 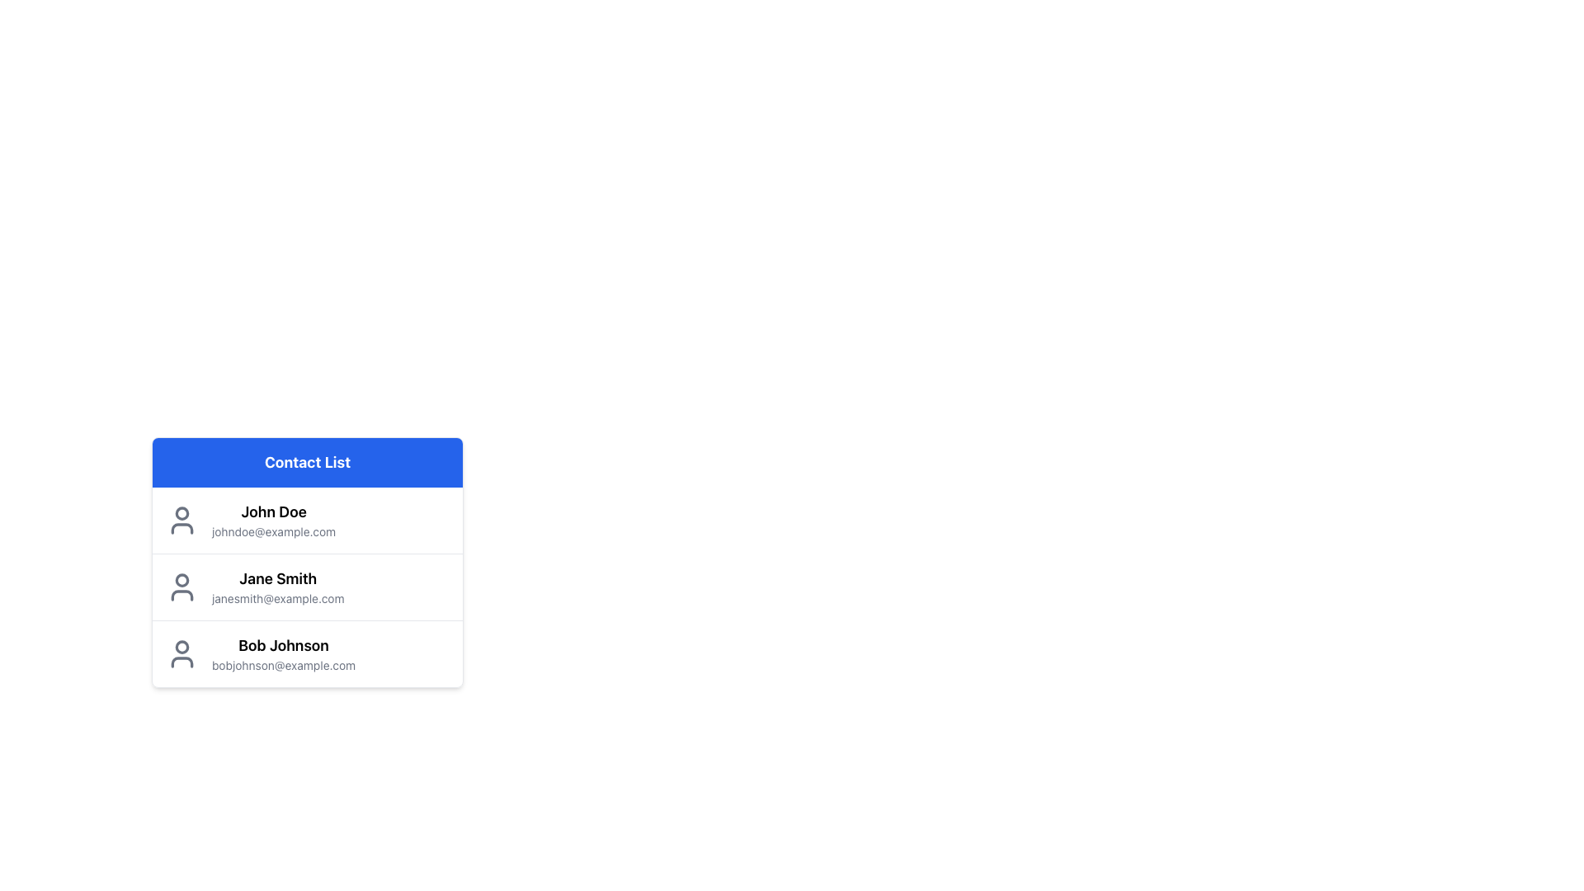 I want to click on text content of the Text Display that provides user identification information, including the person's full name and email address, located in the first item of the 'Contact List', so click(x=274, y=521).